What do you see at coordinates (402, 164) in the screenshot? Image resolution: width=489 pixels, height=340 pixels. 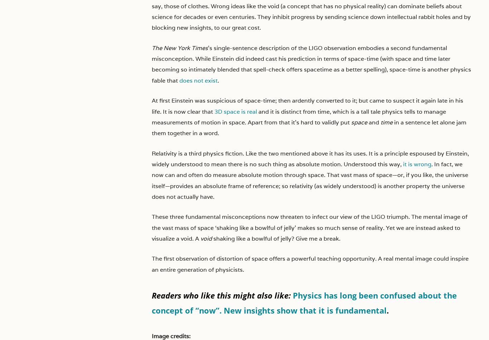 I see `'it is wrong'` at bounding box center [402, 164].